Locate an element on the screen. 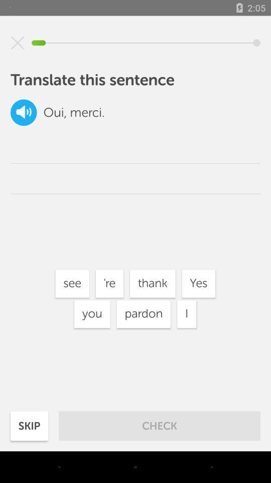 The image size is (271, 483). 're is located at coordinates (109, 284).